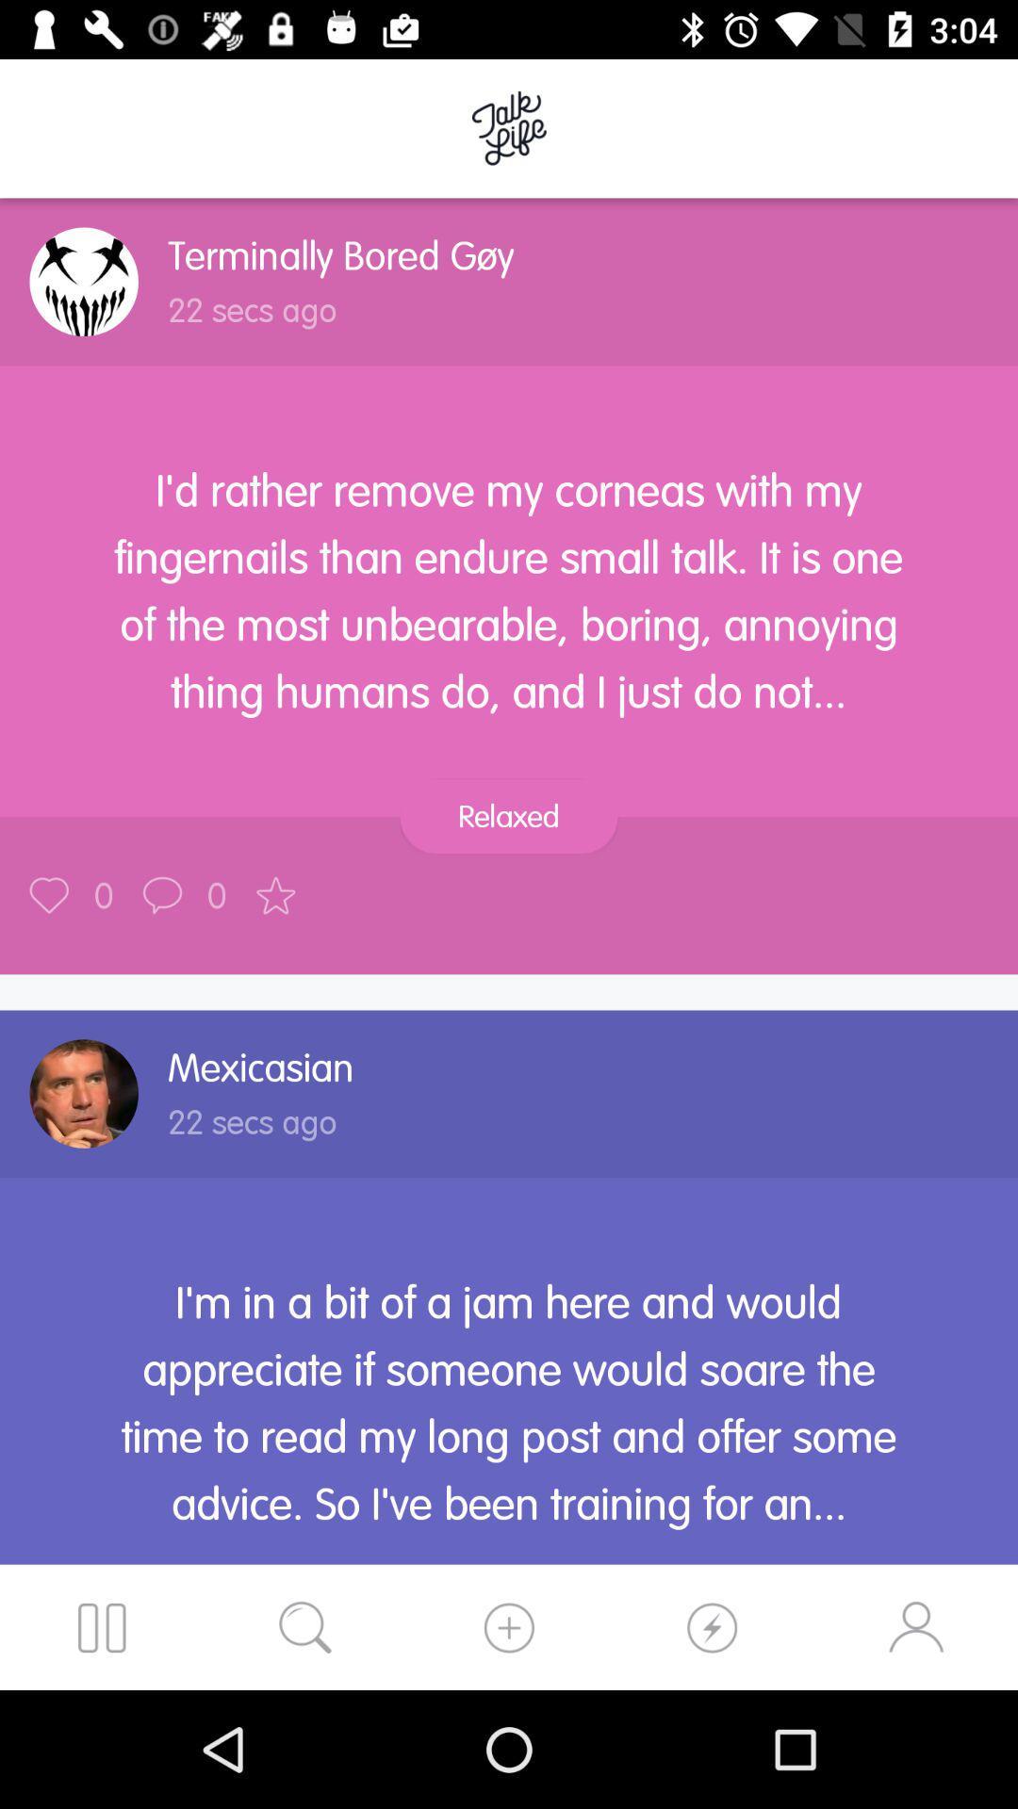 The image size is (1018, 1809). What do you see at coordinates (261, 1067) in the screenshot?
I see `icon above the 22 secs ago icon` at bounding box center [261, 1067].